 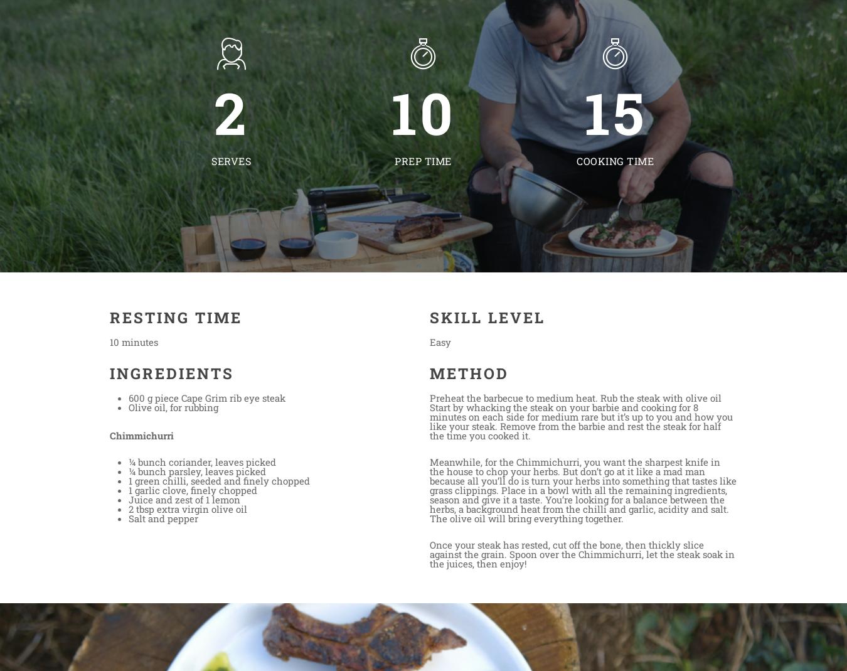 I want to click on 'Salt and pepper', so click(x=162, y=518).